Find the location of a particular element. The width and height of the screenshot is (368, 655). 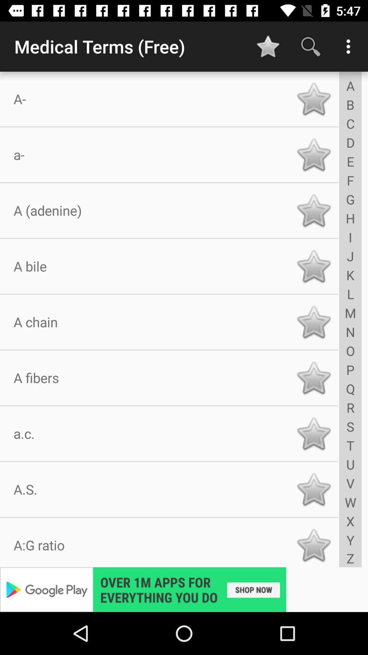

star select botton is located at coordinates (313, 545).